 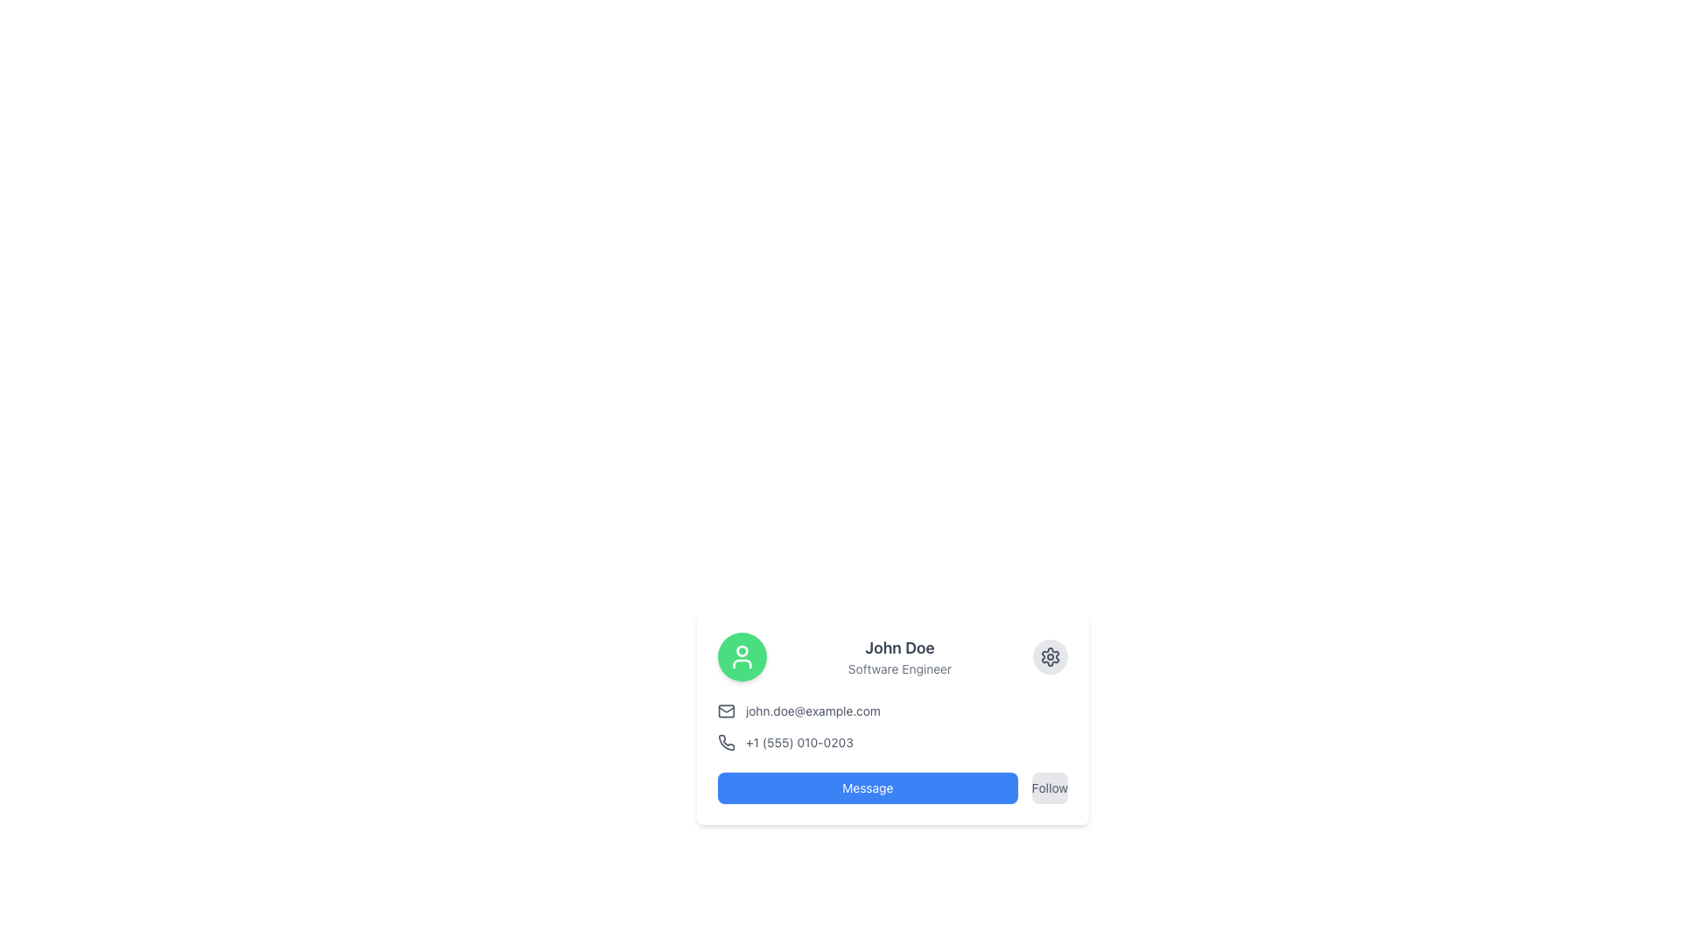 What do you see at coordinates (868, 788) in the screenshot?
I see `the button located in the lower section of a user information card to initiate a messaging action` at bounding box center [868, 788].